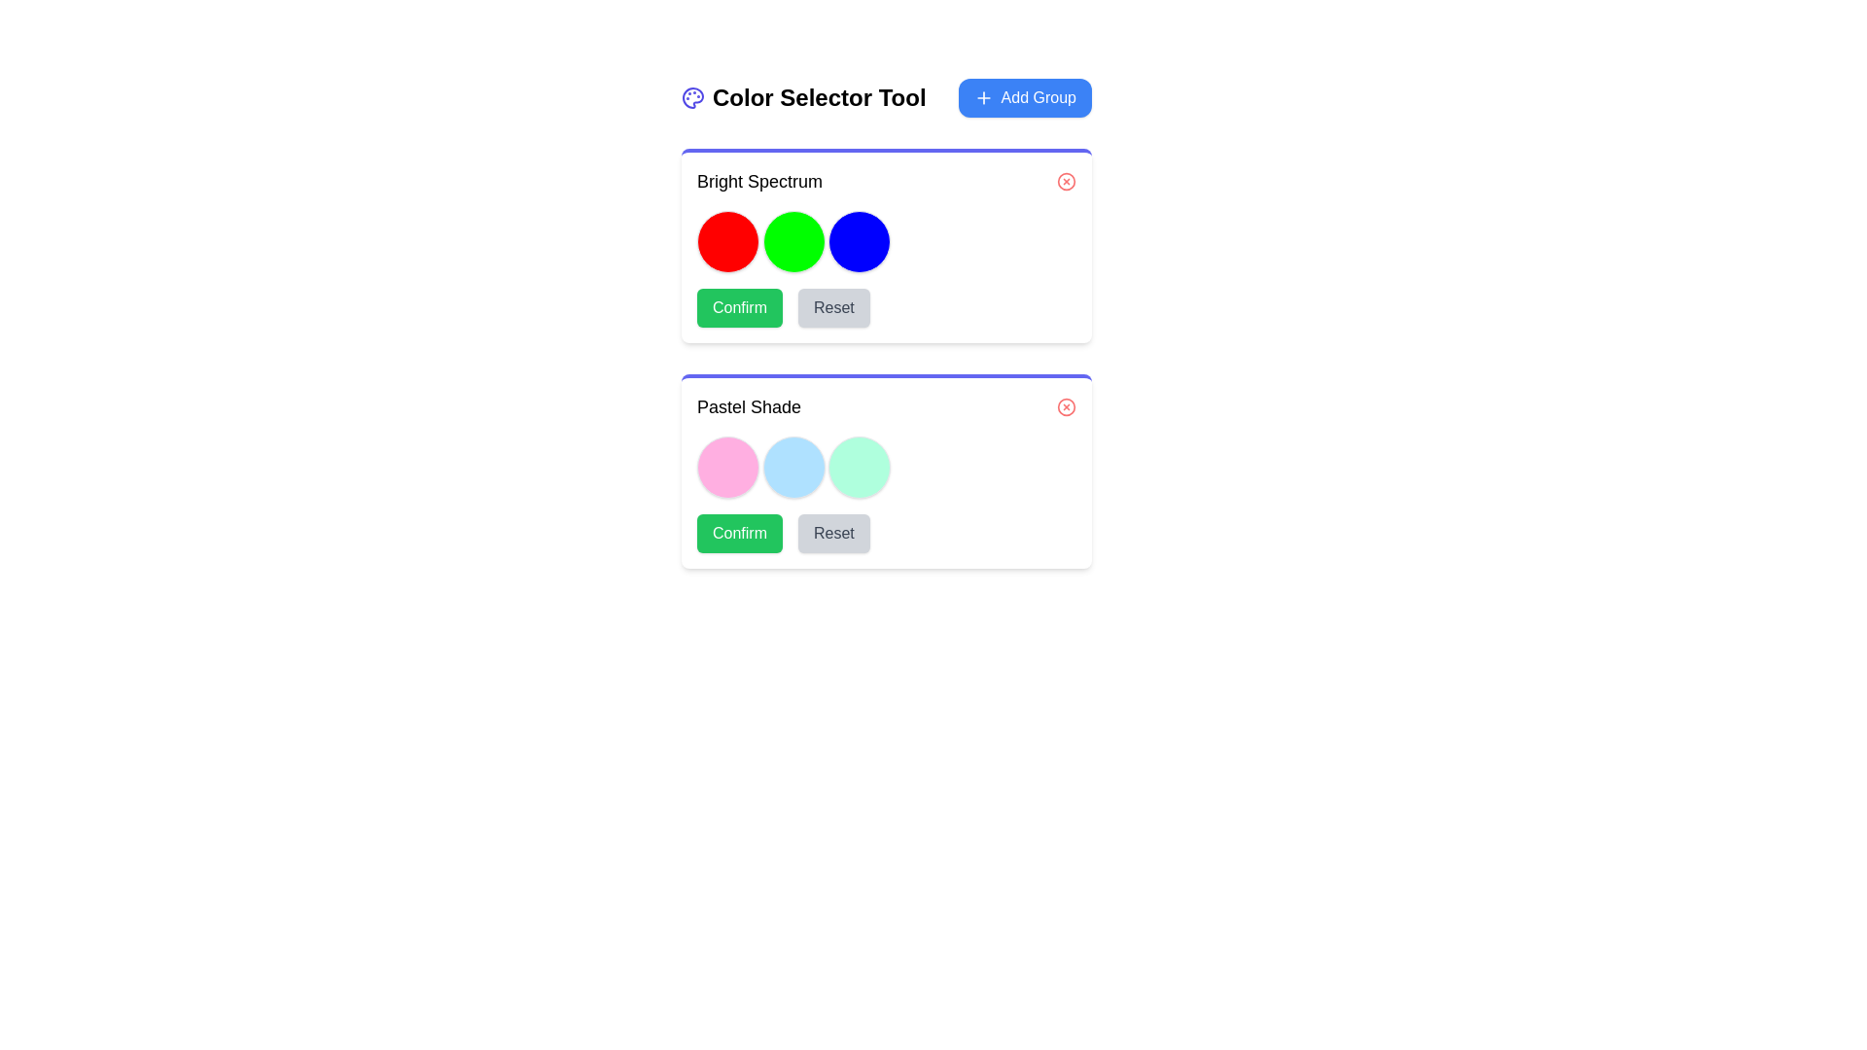 Image resolution: width=1867 pixels, height=1050 pixels. I want to click on the green 'Confirm' button with white text, which is the leftmost button in the 'Pastel Shade' button group, to confirm the selection, so click(739, 533).